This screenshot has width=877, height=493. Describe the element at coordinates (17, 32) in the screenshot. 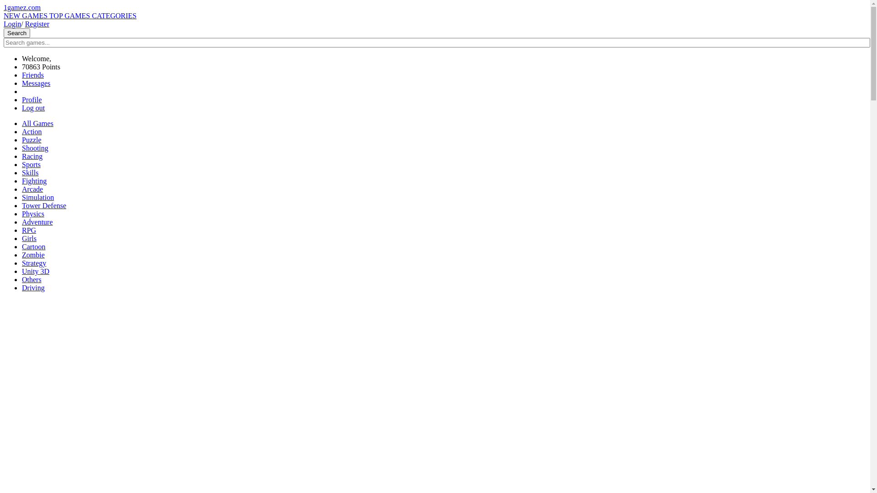

I see `'Search'` at that location.